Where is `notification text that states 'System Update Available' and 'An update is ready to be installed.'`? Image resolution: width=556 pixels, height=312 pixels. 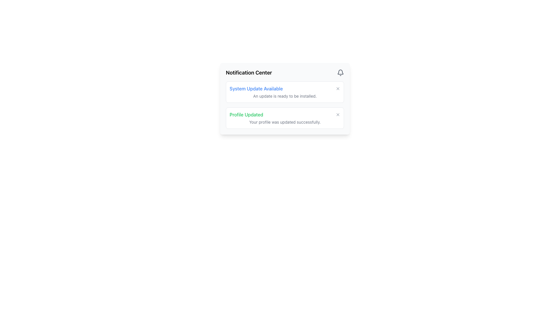 notification text that states 'System Update Available' and 'An update is ready to be installed.' is located at coordinates (285, 92).